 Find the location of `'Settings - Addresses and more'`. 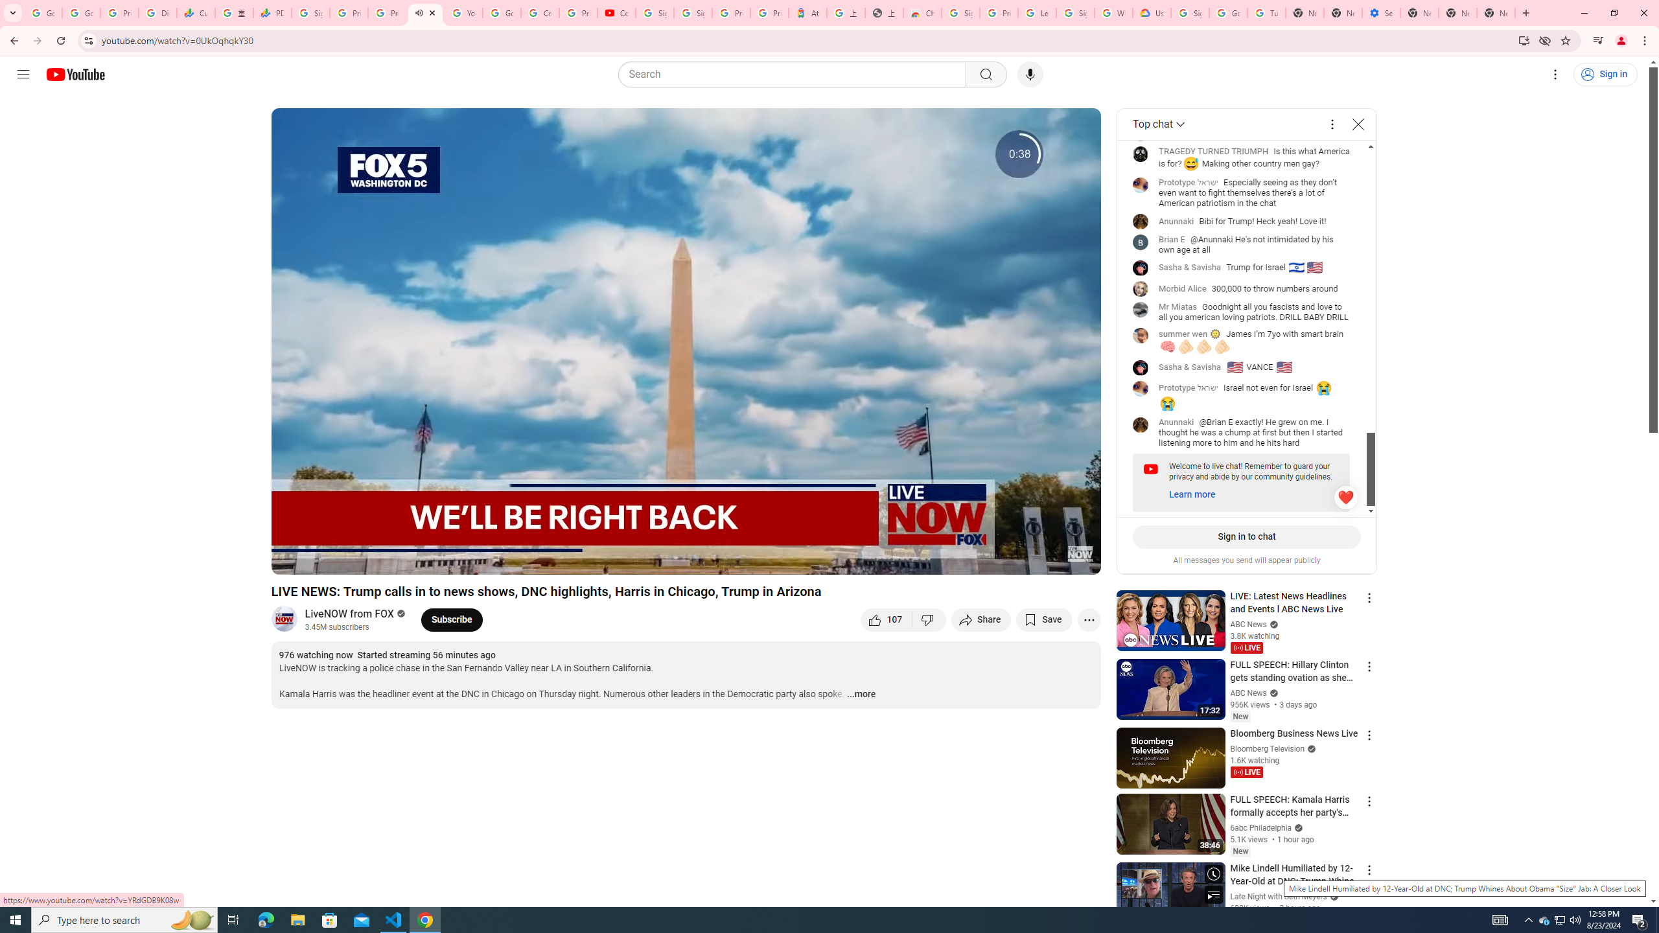

'Settings - Addresses and more' is located at coordinates (1381, 12).